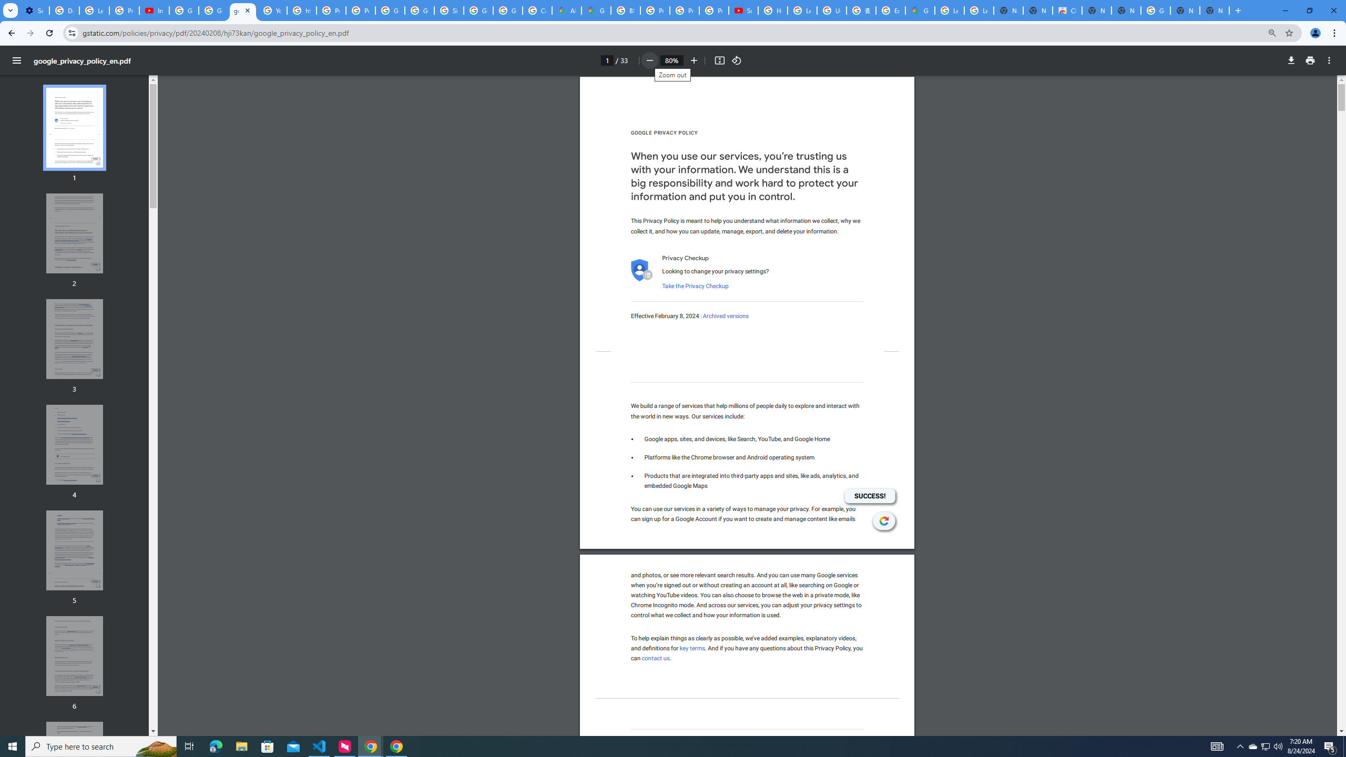 This screenshot has height=757, width=1346. I want to click on 'https://scholar.google.com/', so click(302, 10).